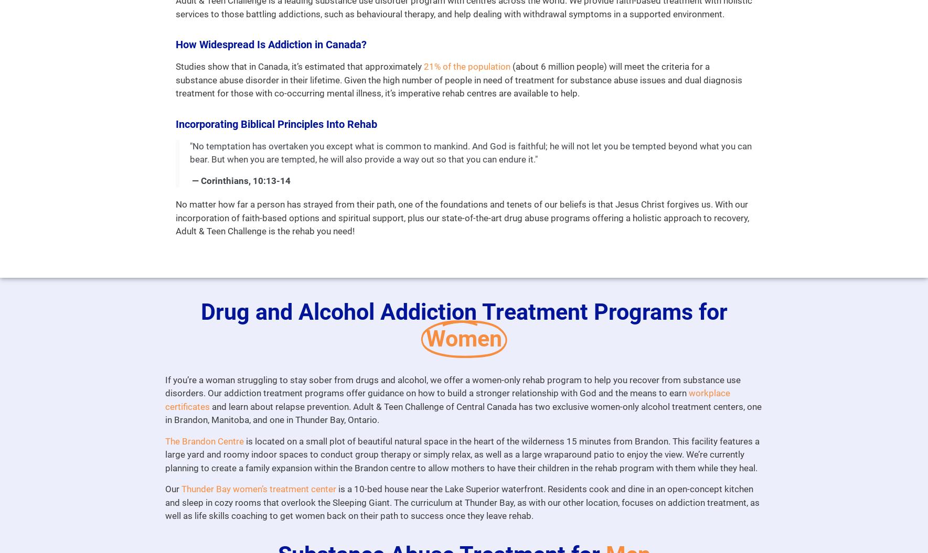  I want to click on 'Incorporating Biblical Principles Into Rehab', so click(275, 124).